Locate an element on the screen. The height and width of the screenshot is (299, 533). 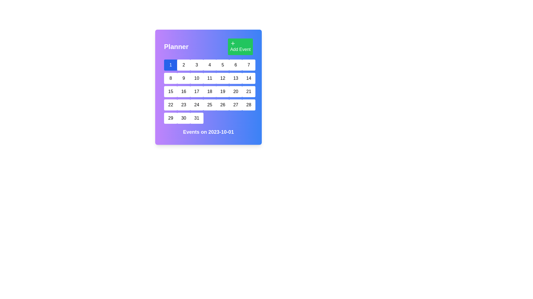
the clickable calendar date item representing the 30th day in the calendar grid is located at coordinates (183, 118).